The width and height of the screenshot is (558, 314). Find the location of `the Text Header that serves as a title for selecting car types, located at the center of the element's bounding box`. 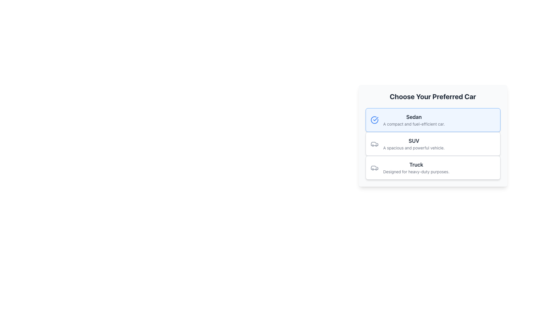

the Text Header that serves as a title for selecting car types, located at the center of the element's bounding box is located at coordinates (433, 96).